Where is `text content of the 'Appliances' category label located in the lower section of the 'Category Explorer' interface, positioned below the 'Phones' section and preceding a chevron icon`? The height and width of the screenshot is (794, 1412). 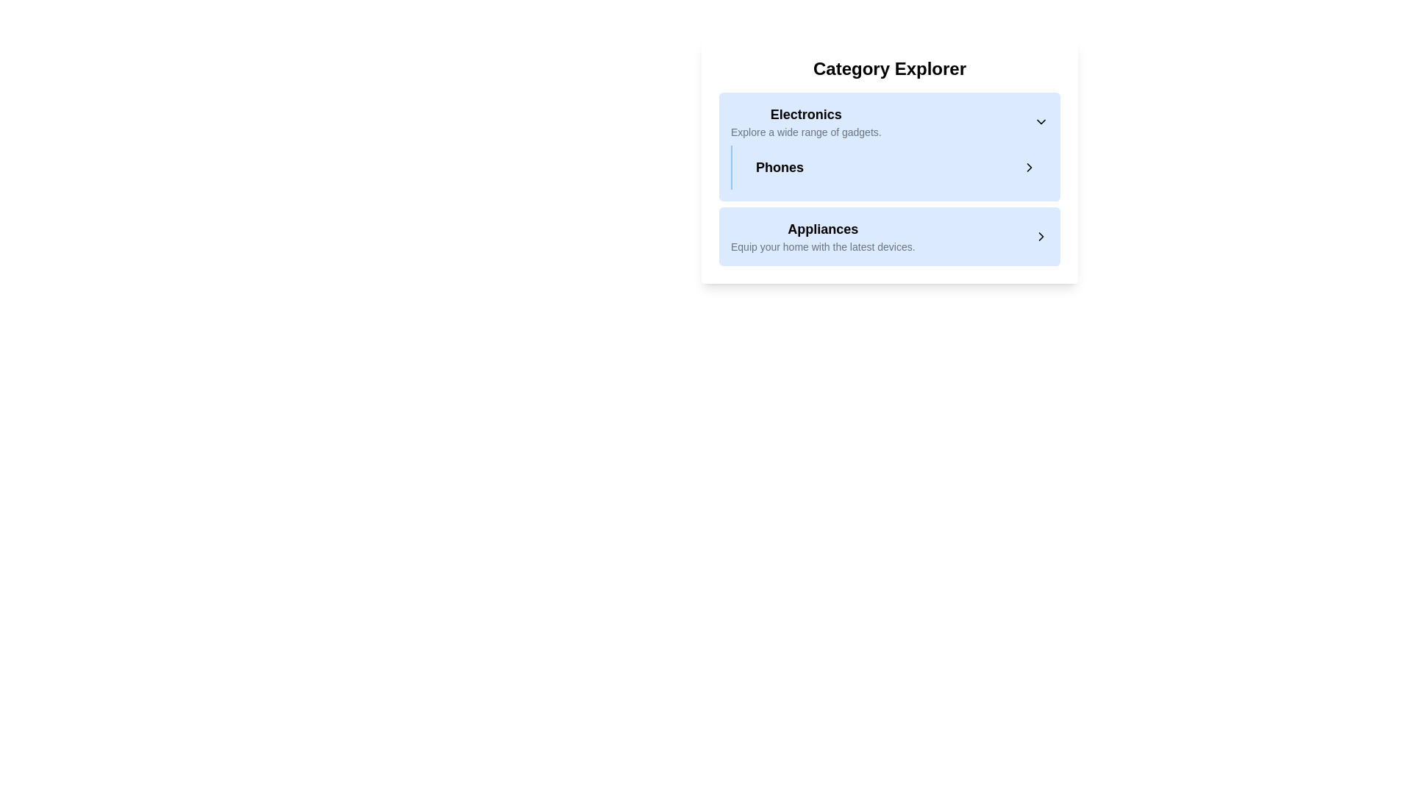
text content of the 'Appliances' category label located in the lower section of the 'Category Explorer' interface, positioned below the 'Phones' section and preceding a chevron icon is located at coordinates (822, 235).